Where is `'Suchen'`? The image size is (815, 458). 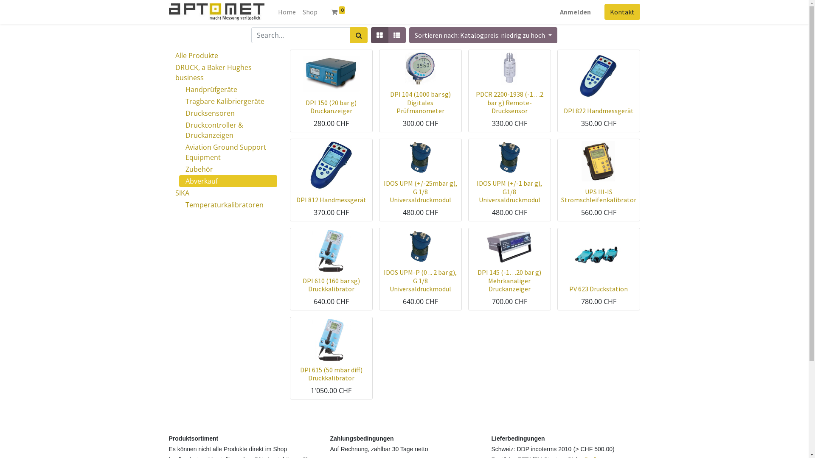
'Suchen' is located at coordinates (359, 35).